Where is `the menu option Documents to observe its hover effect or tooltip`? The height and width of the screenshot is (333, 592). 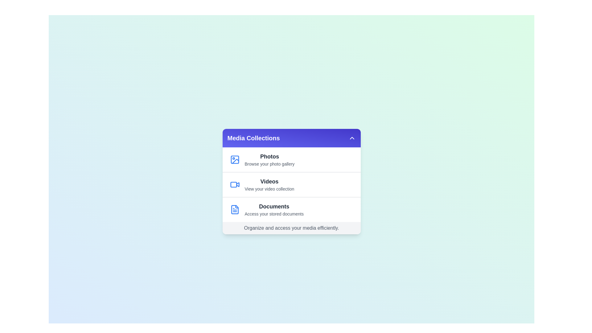
the menu option Documents to observe its hover effect or tooltip is located at coordinates (291, 209).